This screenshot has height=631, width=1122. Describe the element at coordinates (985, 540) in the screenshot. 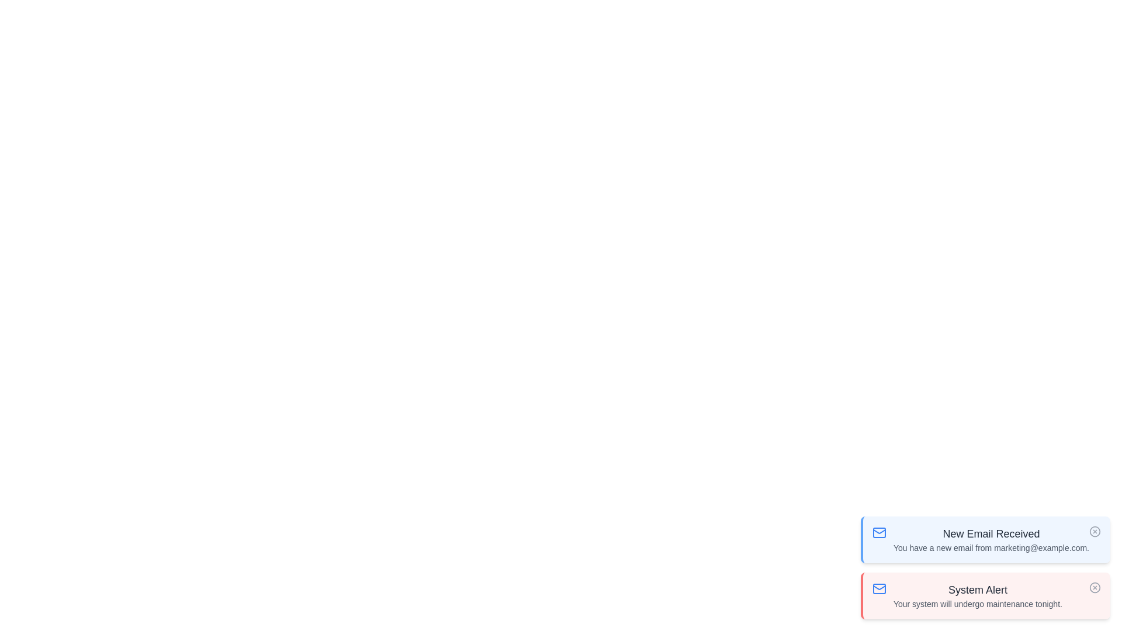

I see `the notification with title New Email Received` at that location.